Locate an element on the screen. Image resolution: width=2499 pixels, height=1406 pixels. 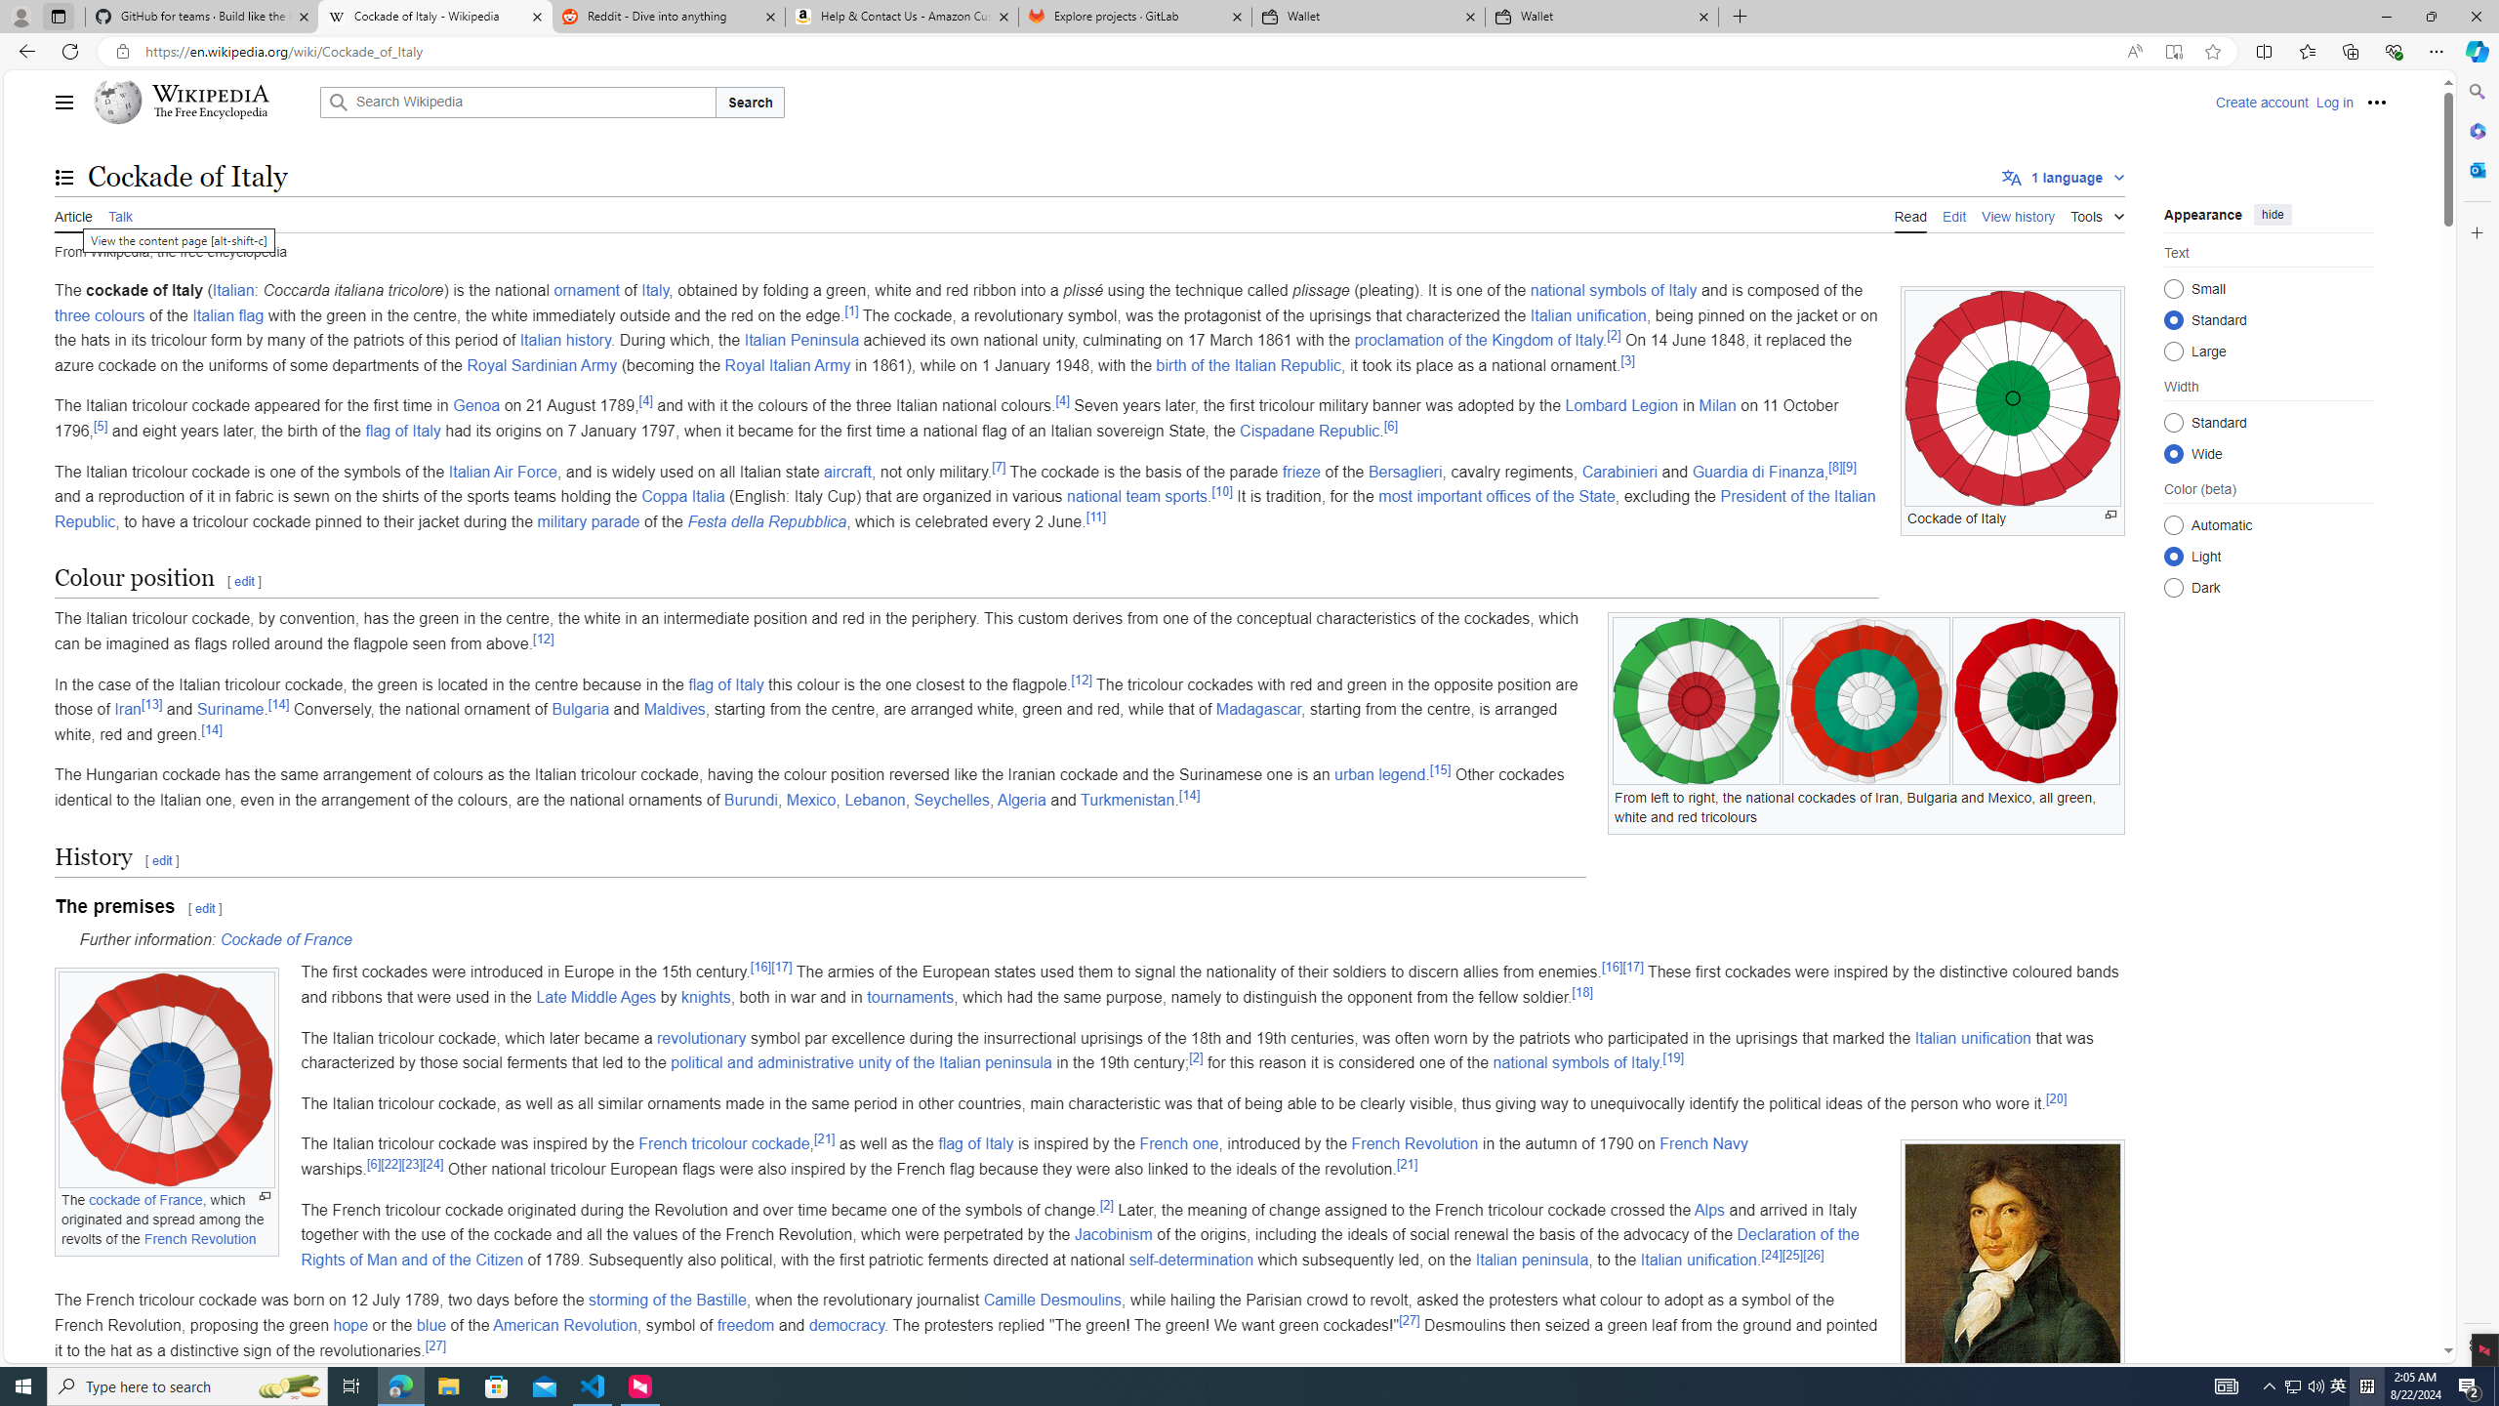
'[2]' is located at coordinates (1106, 1204).